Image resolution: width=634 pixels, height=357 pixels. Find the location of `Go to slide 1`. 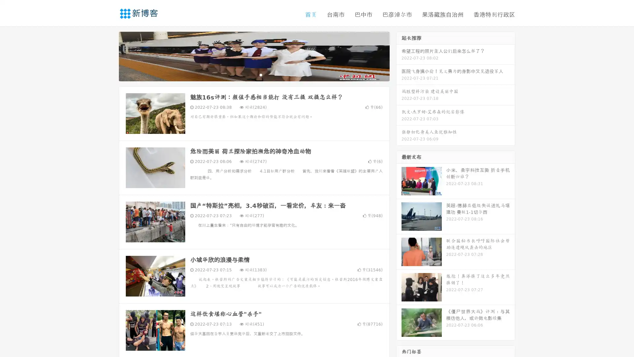

Go to slide 1 is located at coordinates (247, 74).